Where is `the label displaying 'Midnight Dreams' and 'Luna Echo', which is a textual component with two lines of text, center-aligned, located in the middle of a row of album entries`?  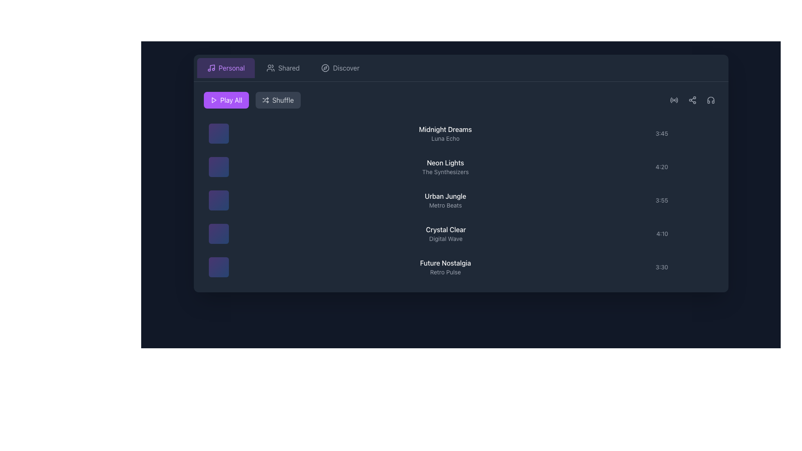
the label displaying 'Midnight Dreams' and 'Luna Echo', which is a textual component with two lines of text, center-aligned, located in the middle of a row of album entries is located at coordinates (445, 133).